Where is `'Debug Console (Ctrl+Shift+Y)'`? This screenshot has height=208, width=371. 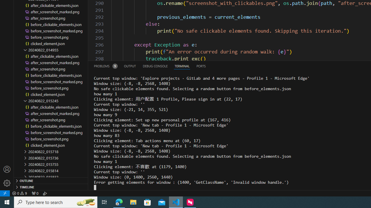 'Debug Console (Ctrl+Shift+Y)' is located at coordinates (155, 66).